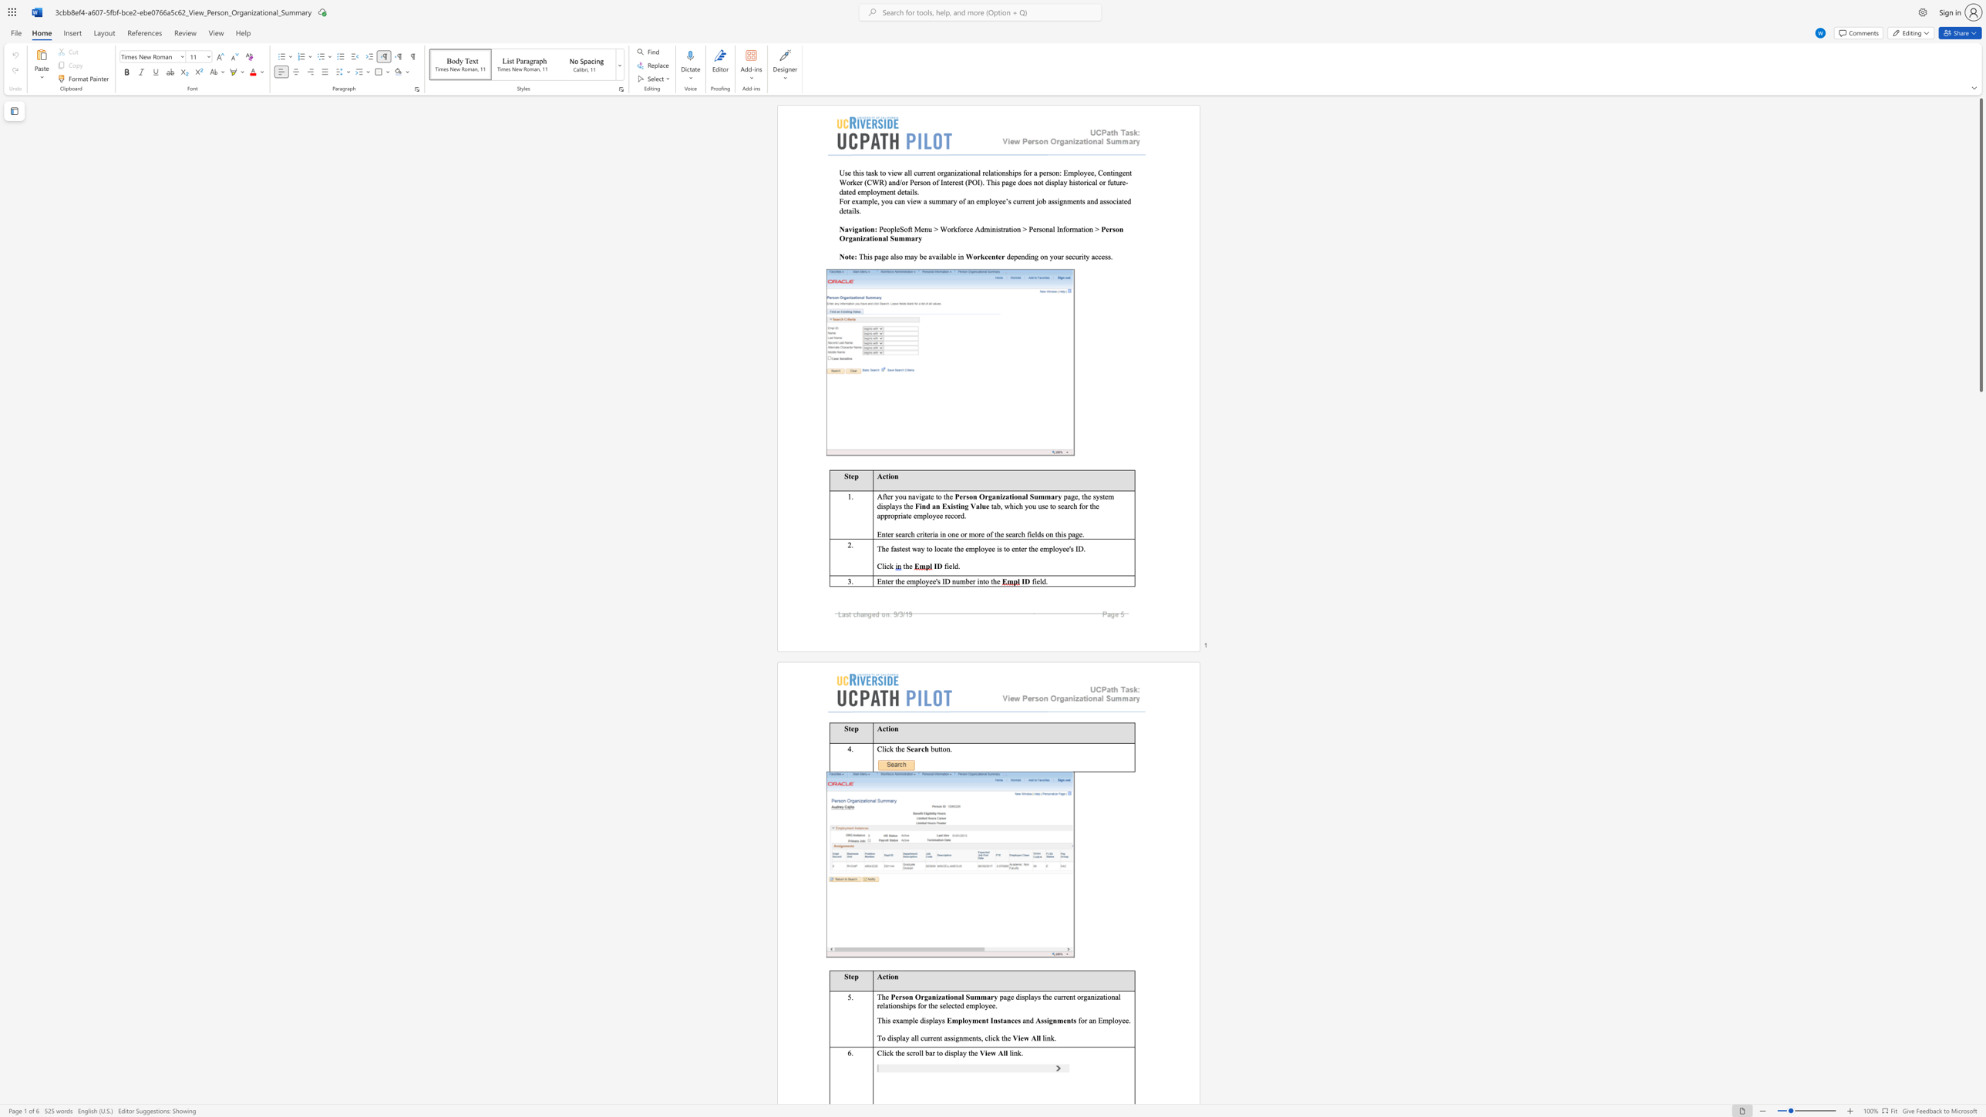 The image size is (1986, 1117). What do you see at coordinates (991, 496) in the screenshot?
I see `the space between the continuous character "g" and "a" in the text` at bounding box center [991, 496].